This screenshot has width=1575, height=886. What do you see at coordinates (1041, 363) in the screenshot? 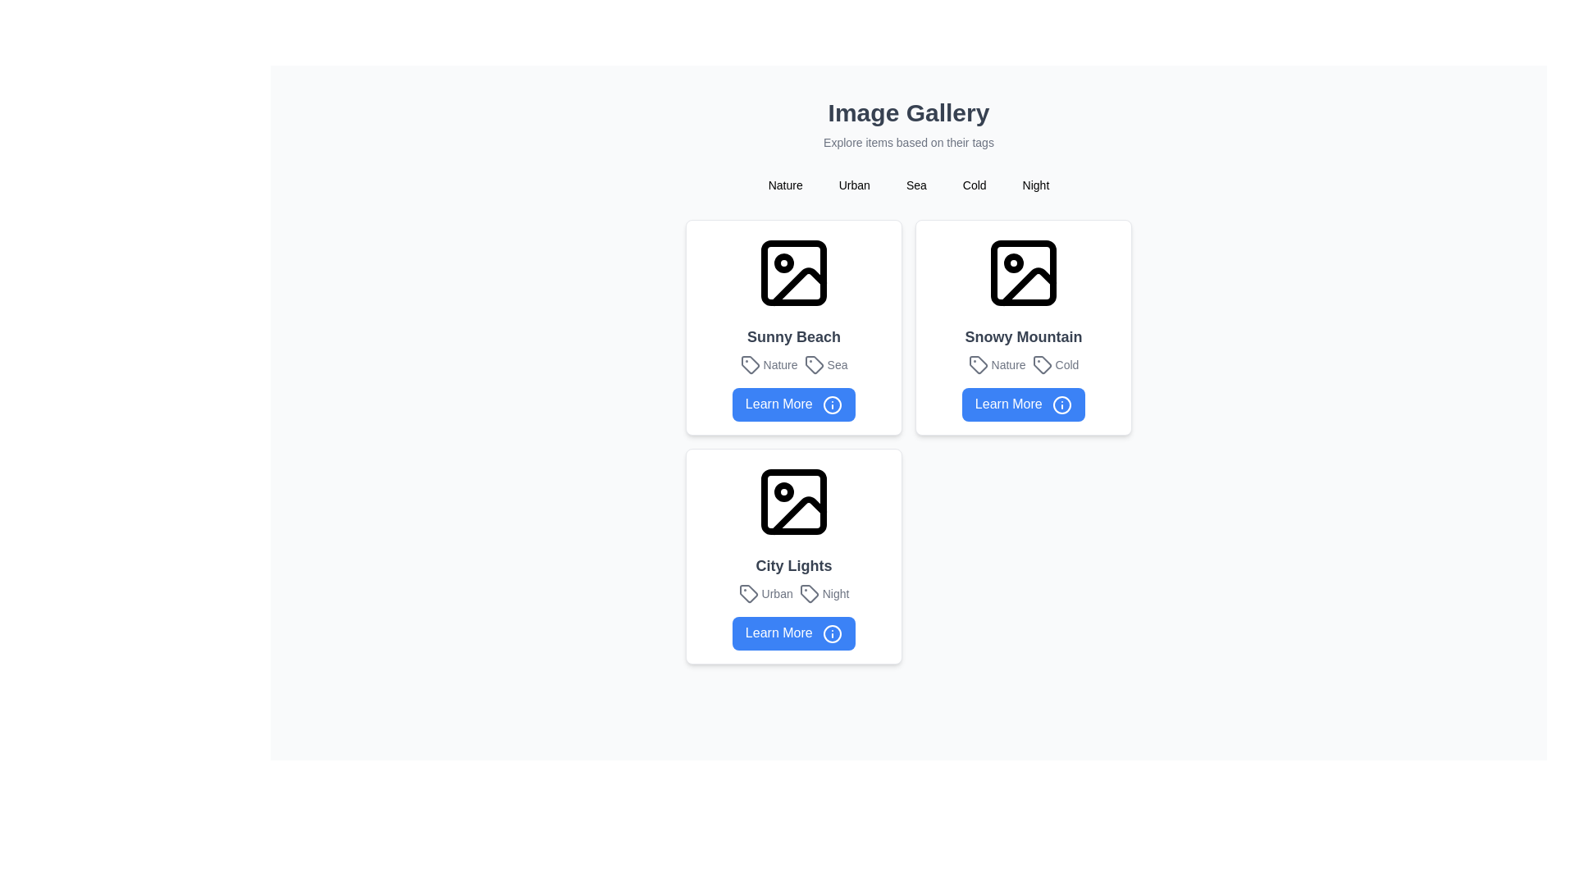
I see `the decorative 'Cold' tag icon located within the 'Snowy Mountain' card, positioned below its title and beside the 'Nature' tag to trigger possible visual effects` at bounding box center [1041, 363].